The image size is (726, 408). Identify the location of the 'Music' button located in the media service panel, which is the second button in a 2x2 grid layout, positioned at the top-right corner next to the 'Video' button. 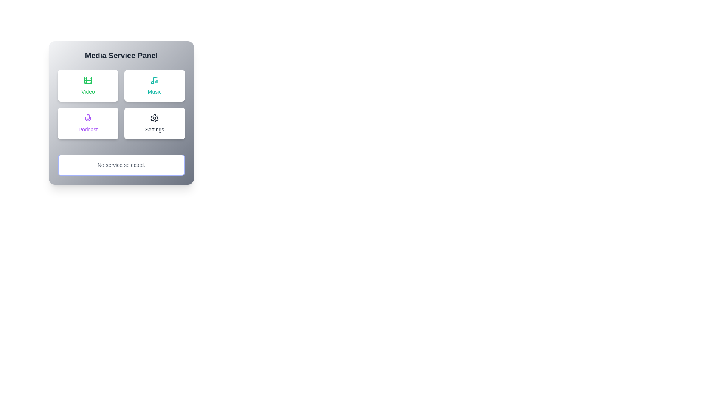
(154, 85).